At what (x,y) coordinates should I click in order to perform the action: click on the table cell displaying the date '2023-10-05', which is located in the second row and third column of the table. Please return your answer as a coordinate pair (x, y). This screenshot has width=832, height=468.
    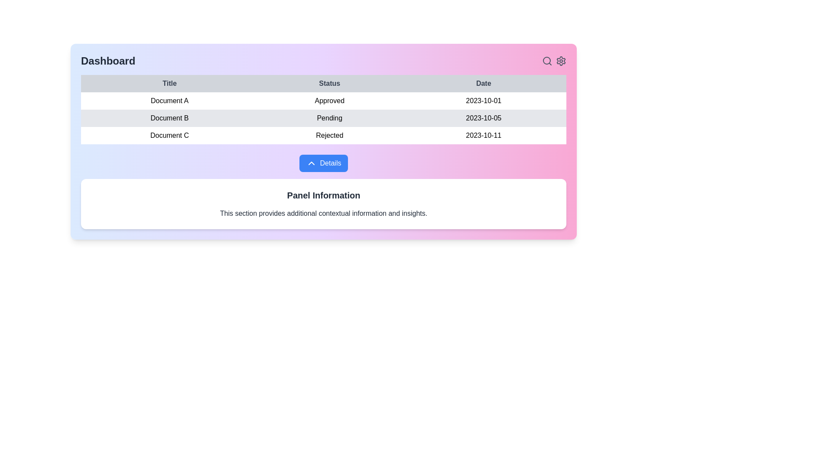
    Looking at the image, I should click on (483, 118).